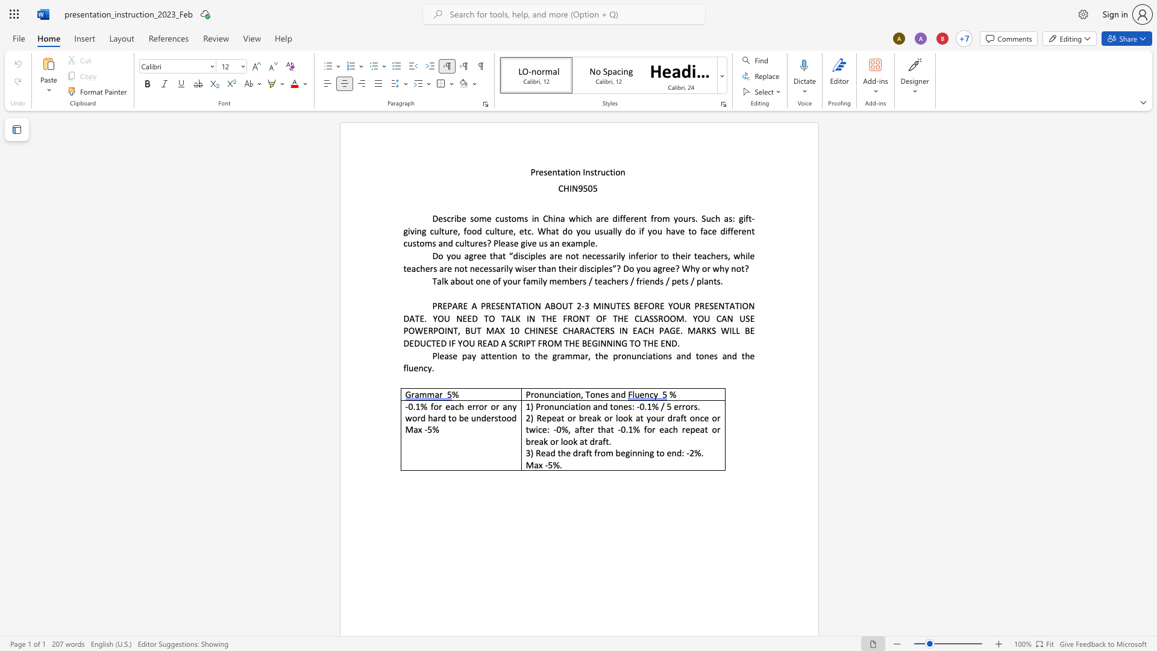 The width and height of the screenshot is (1157, 651). What do you see at coordinates (554, 243) in the screenshot?
I see `the space between the continuous character "a" and "n" in the text` at bounding box center [554, 243].